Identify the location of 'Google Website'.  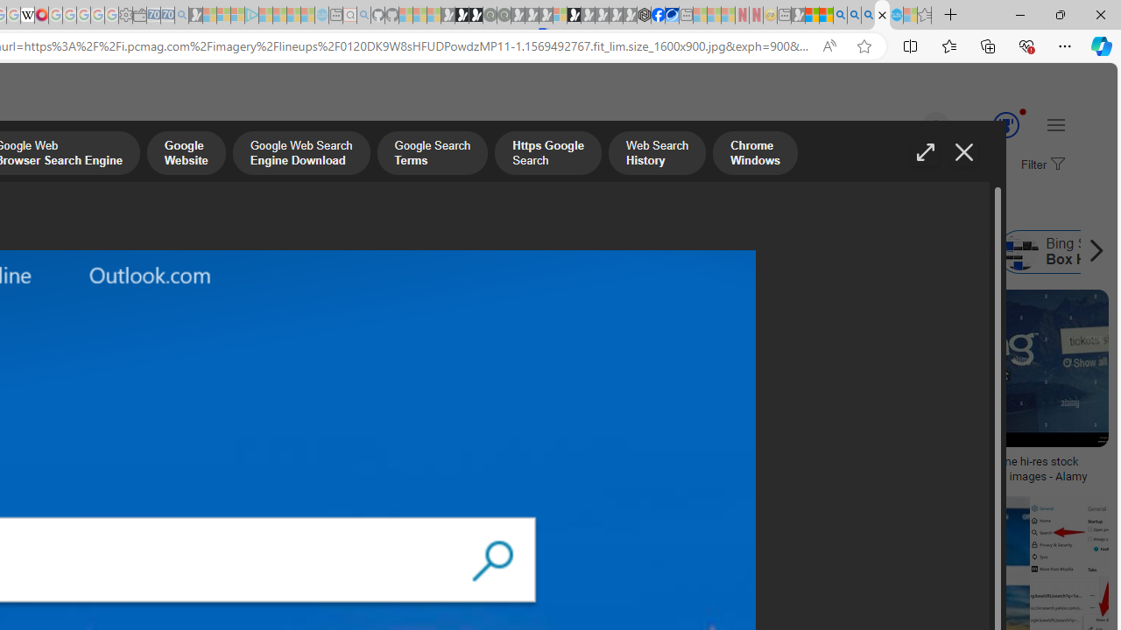
(186, 154).